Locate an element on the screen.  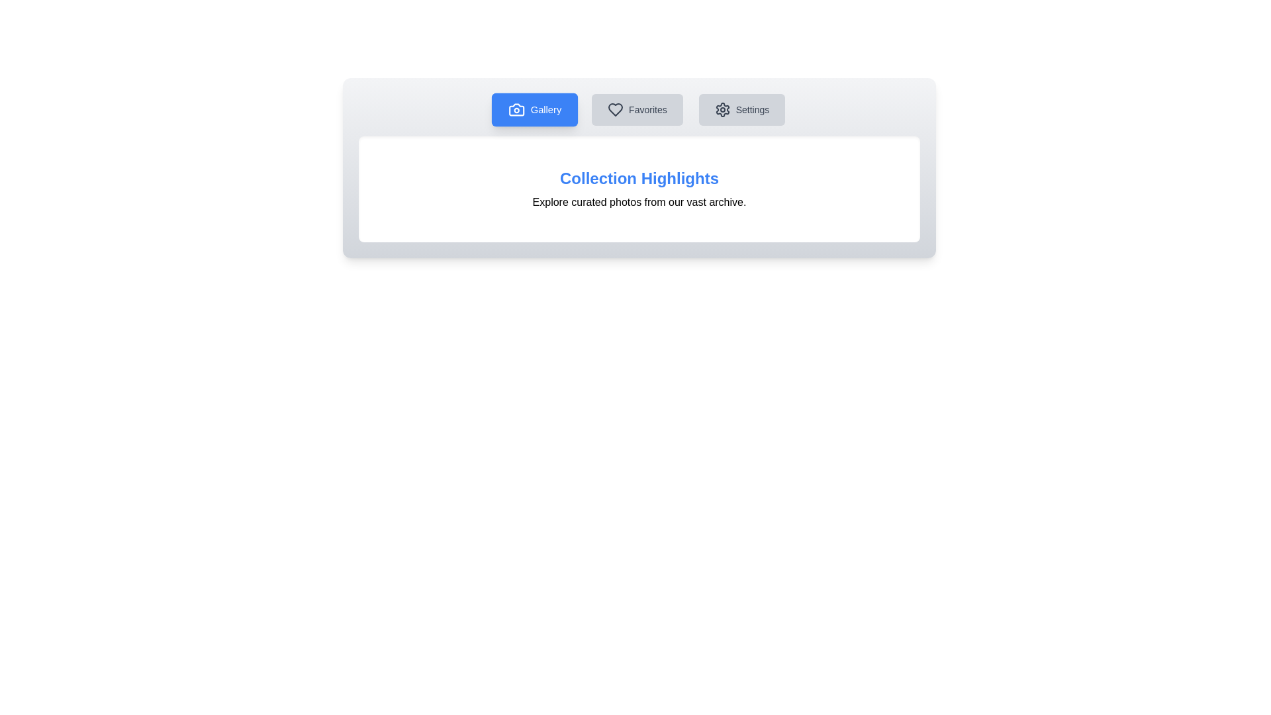
the Gallery button to inspect its functionality is located at coordinates (534, 109).